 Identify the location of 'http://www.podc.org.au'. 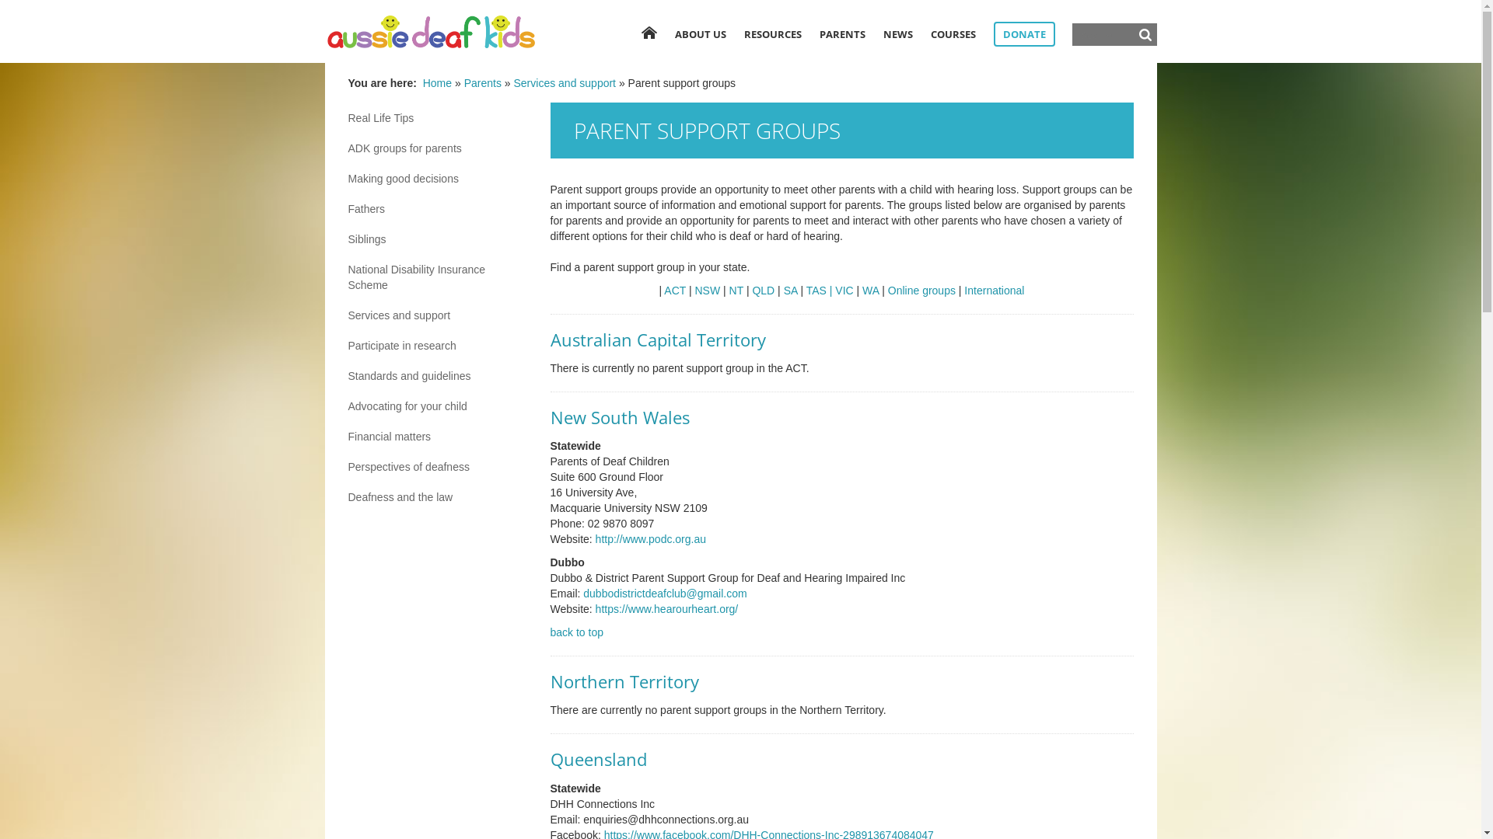
(650, 538).